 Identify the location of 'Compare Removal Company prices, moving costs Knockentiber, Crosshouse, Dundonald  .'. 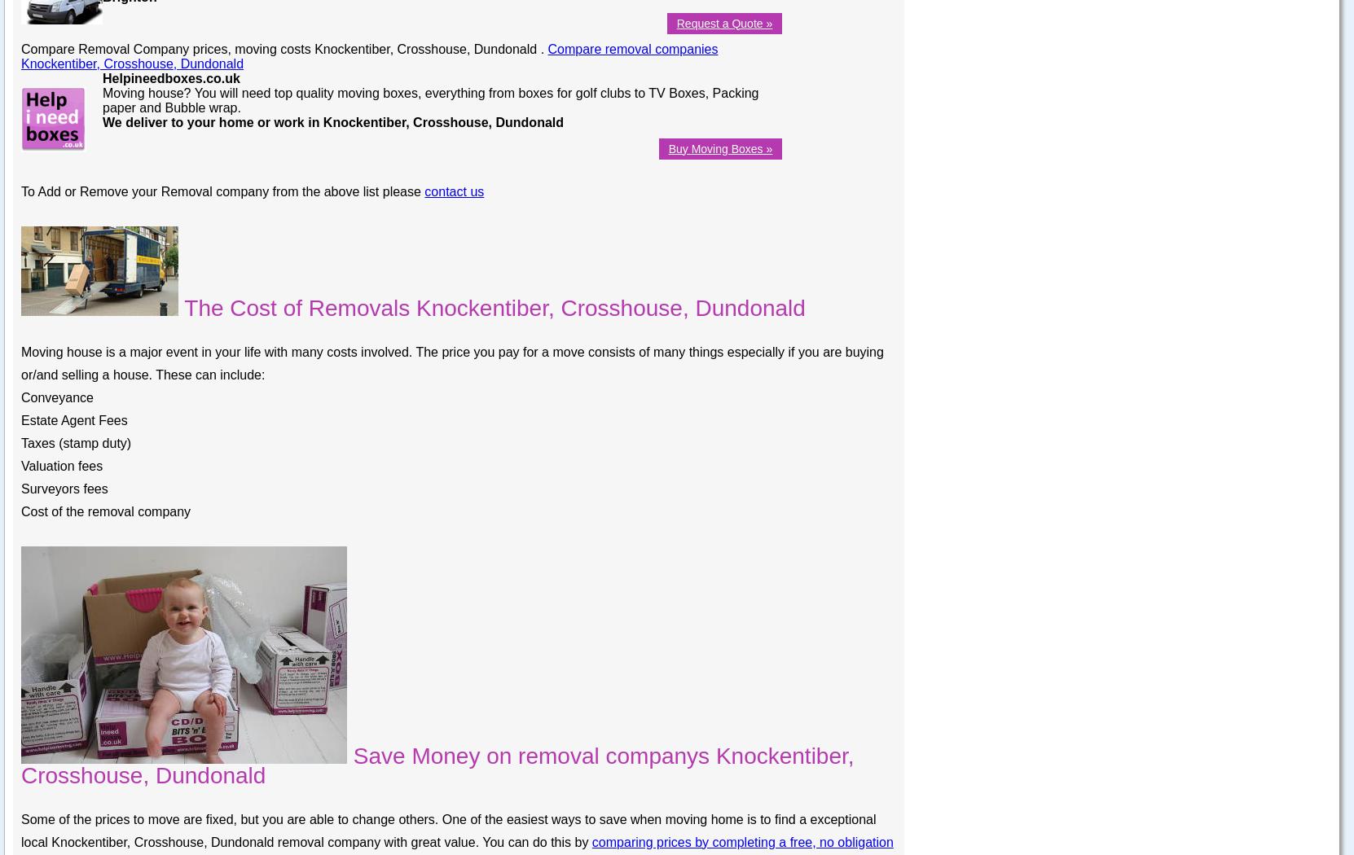
(284, 47).